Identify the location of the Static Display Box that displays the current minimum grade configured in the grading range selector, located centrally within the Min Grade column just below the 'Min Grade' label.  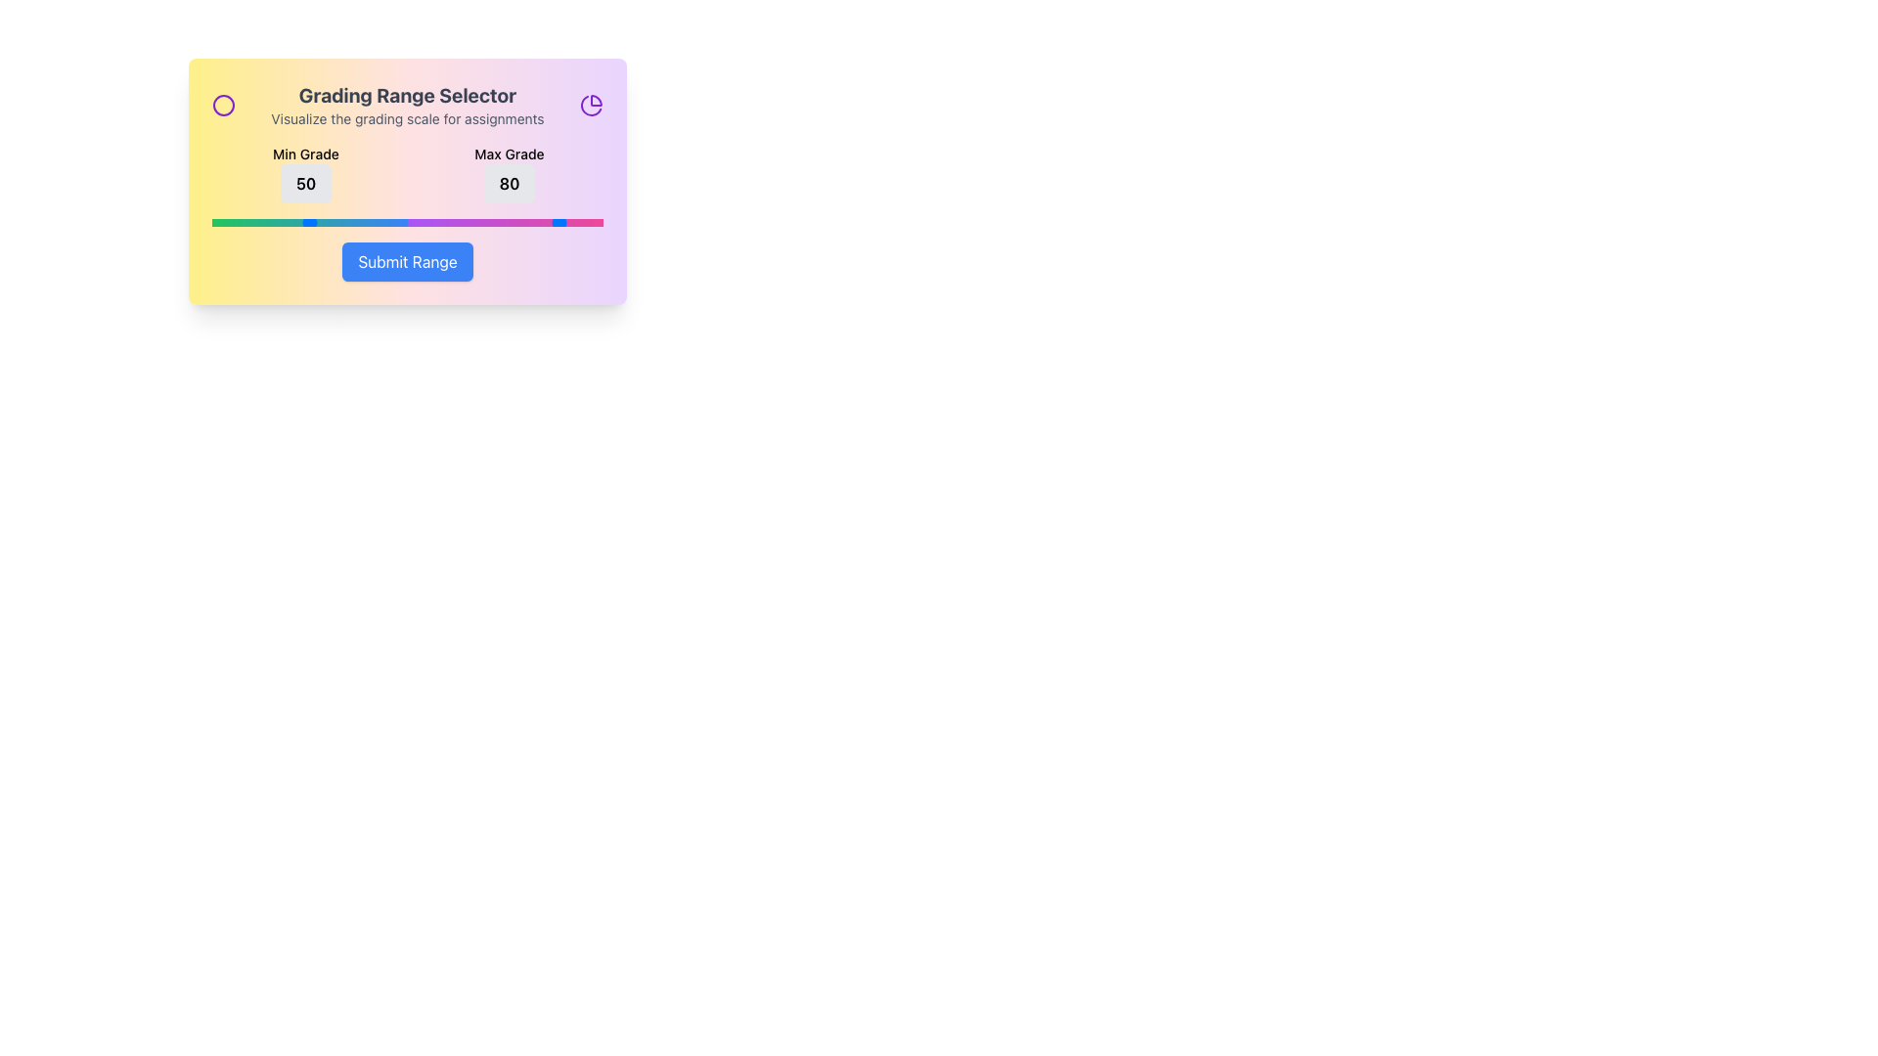
(304, 184).